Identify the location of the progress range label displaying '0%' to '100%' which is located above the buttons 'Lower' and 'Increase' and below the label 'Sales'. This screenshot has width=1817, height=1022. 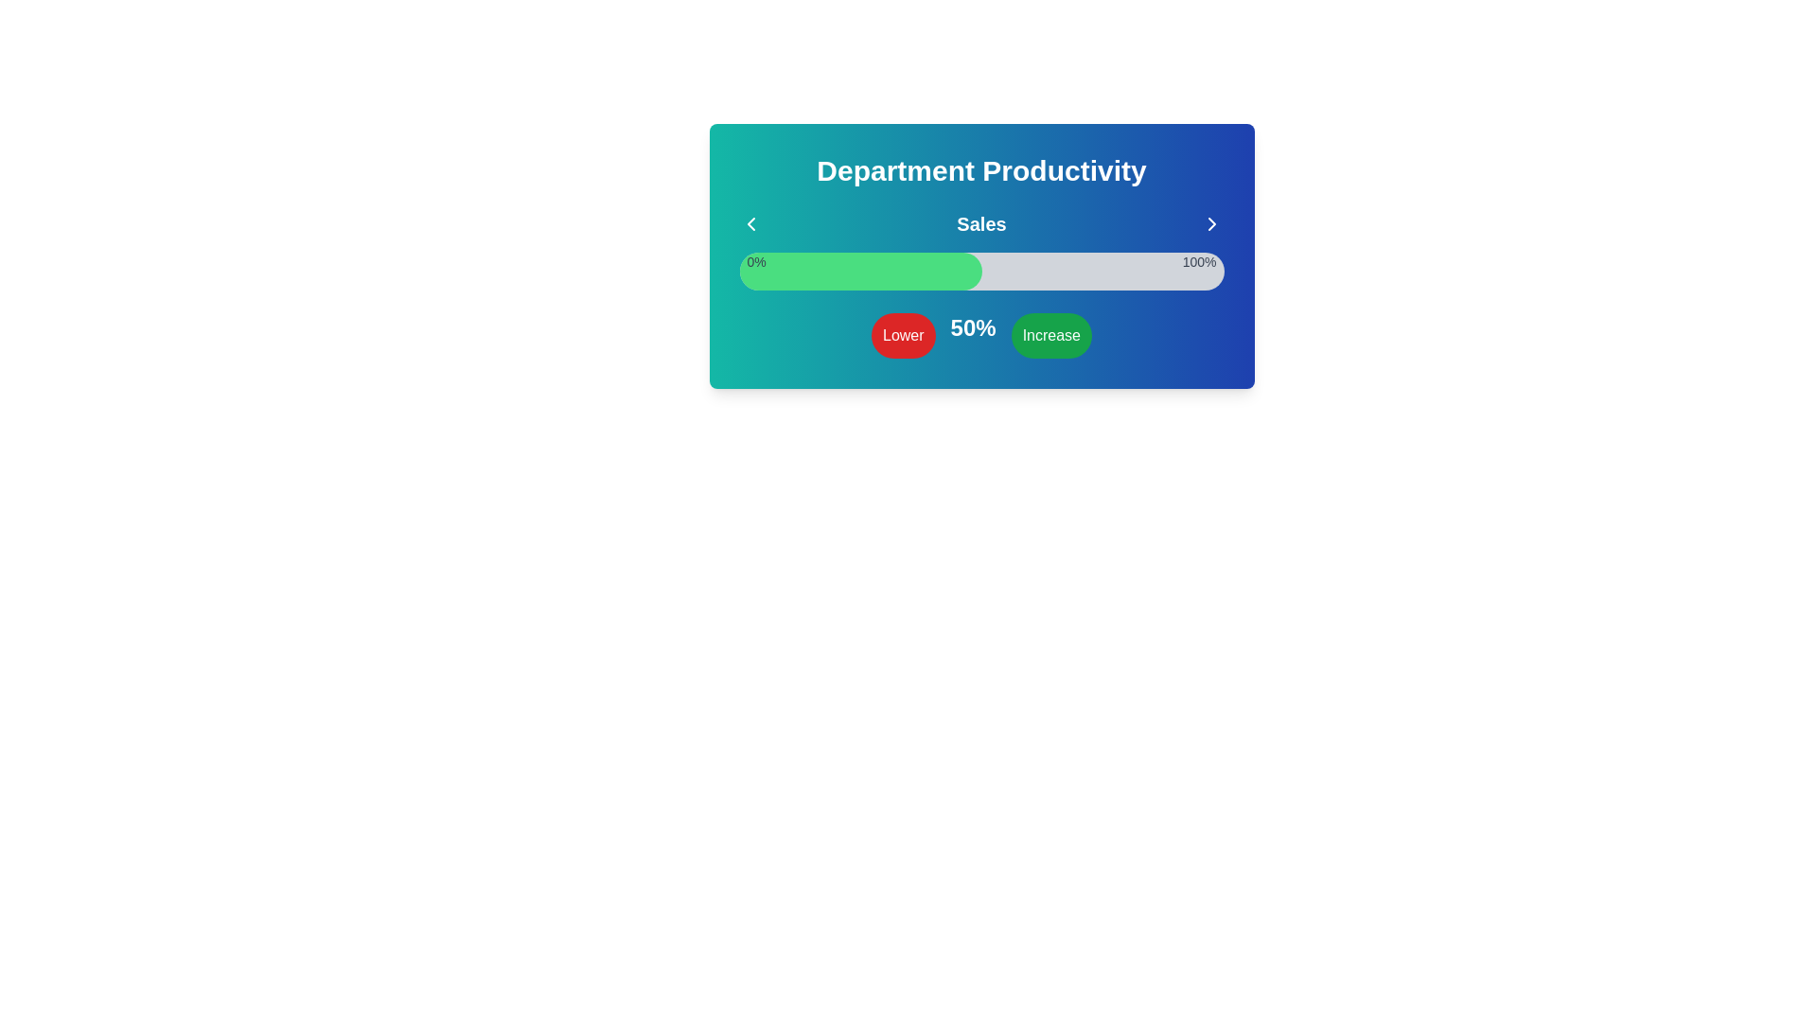
(981, 262).